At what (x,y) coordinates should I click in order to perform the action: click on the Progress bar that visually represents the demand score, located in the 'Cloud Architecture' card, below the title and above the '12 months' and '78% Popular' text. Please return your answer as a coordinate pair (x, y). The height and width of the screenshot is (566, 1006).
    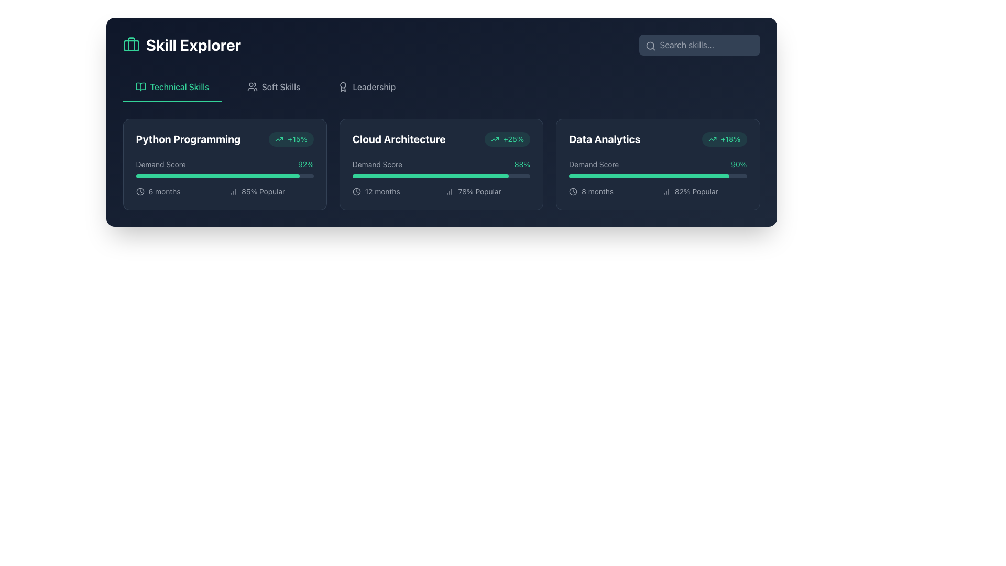
    Looking at the image, I should click on (441, 177).